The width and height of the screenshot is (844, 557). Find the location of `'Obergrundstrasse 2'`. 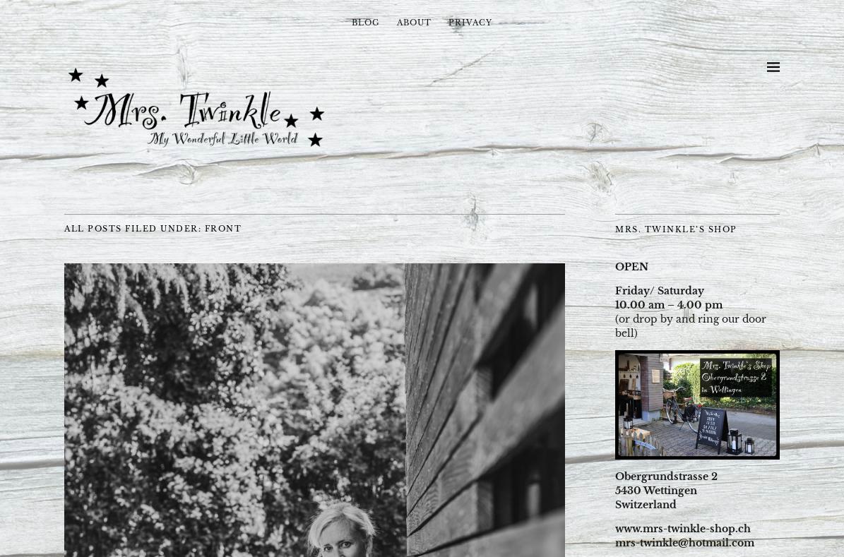

'Obergrundstrasse 2' is located at coordinates (666, 475).